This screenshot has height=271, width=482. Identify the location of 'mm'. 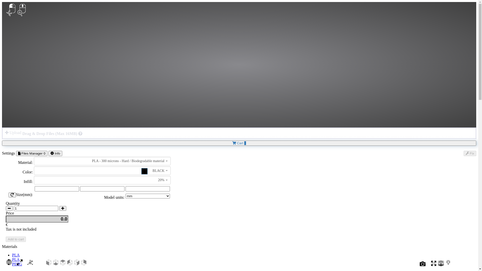
(125, 189).